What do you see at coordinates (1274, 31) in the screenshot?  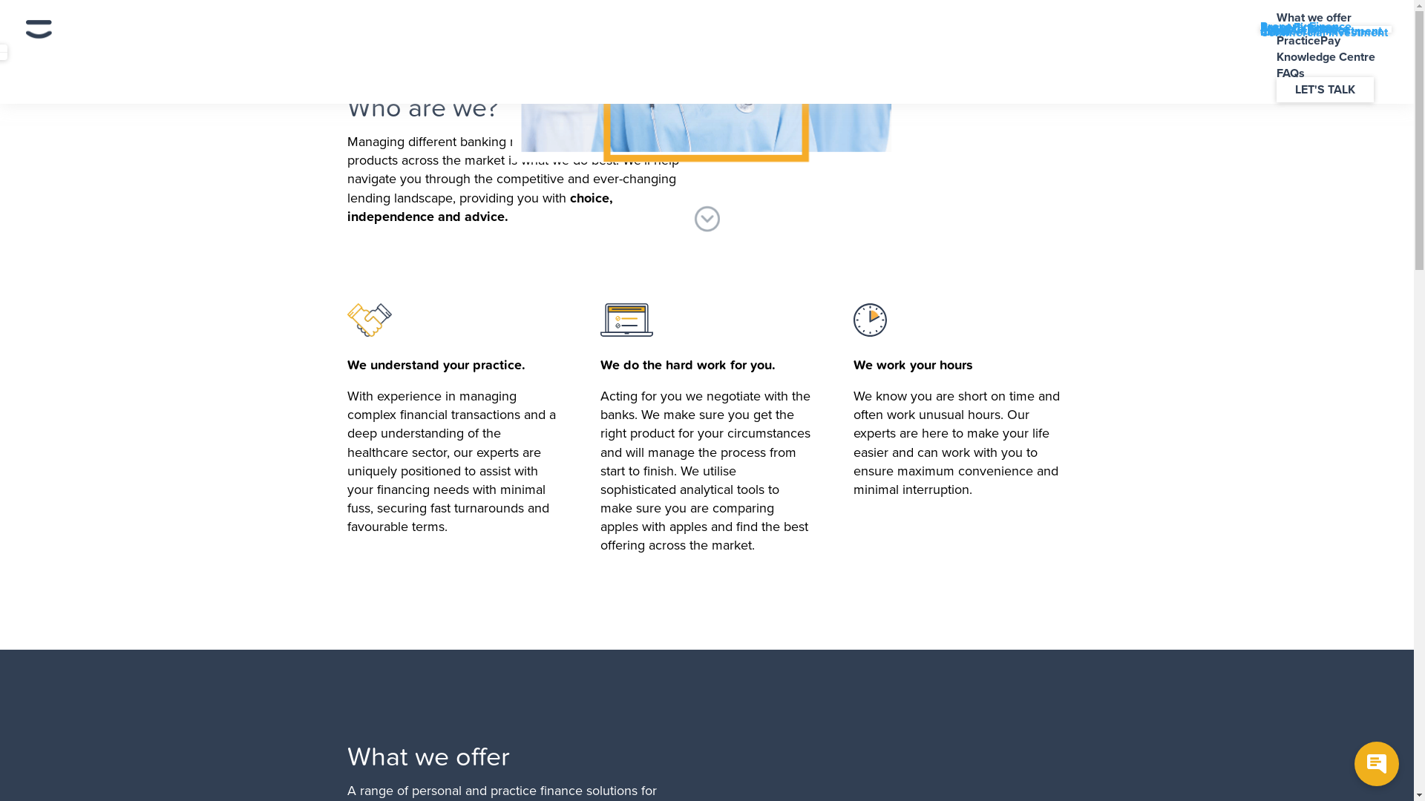 I see `'blank'` at bounding box center [1274, 31].